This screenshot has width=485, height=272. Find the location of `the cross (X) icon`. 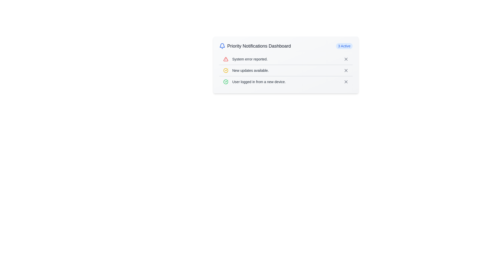

the cross (X) icon is located at coordinates (346, 71).